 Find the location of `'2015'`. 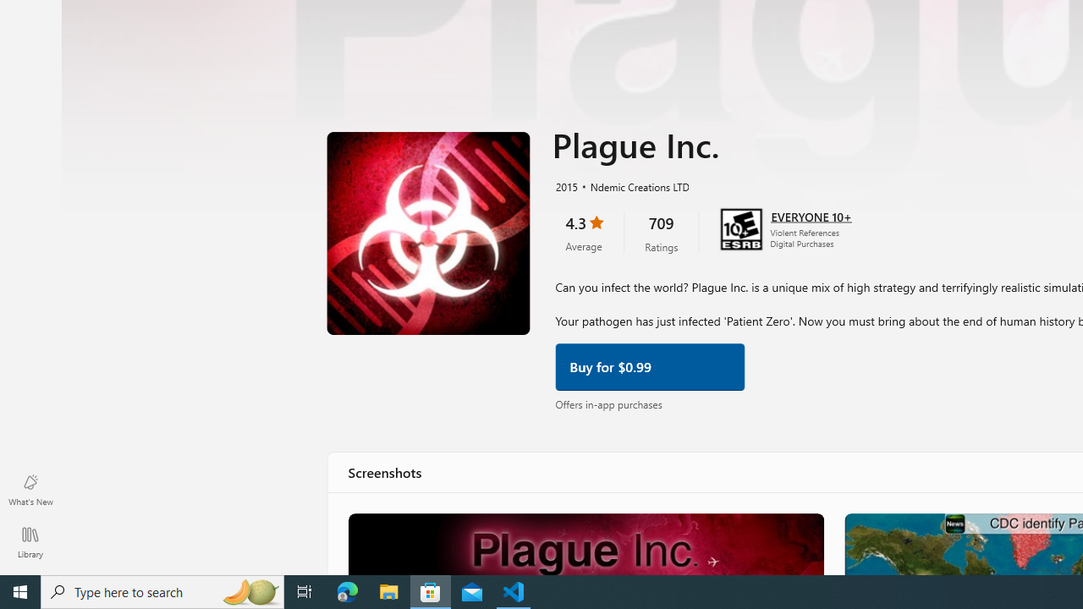

'2015' is located at coordinates (565, 185).